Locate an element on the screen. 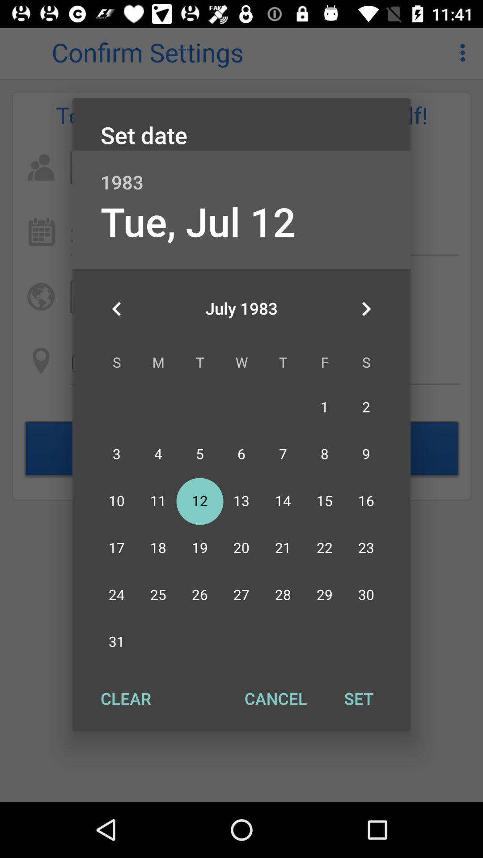 This screenshot has height=858, width=483. the icon on the left is located at coordinates (116, 309).